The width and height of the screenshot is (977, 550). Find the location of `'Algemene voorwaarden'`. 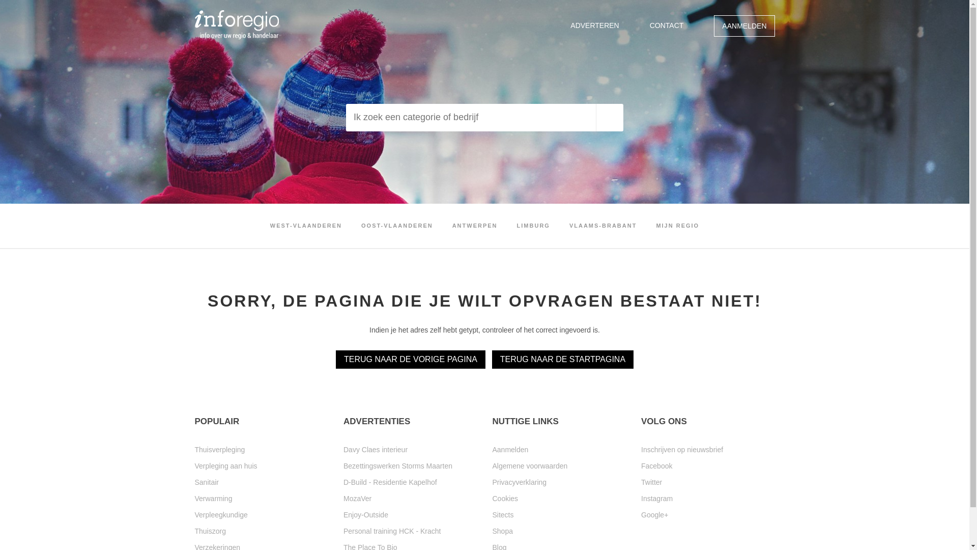

'Algemene voorwaarden' is located at coordinates (559, 465).